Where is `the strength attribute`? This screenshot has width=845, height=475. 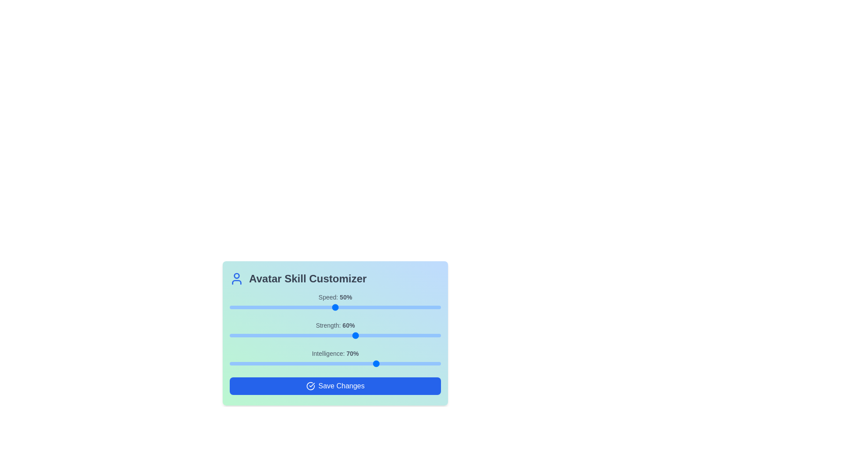 the strength attribute is located at coordinates (324, 336).